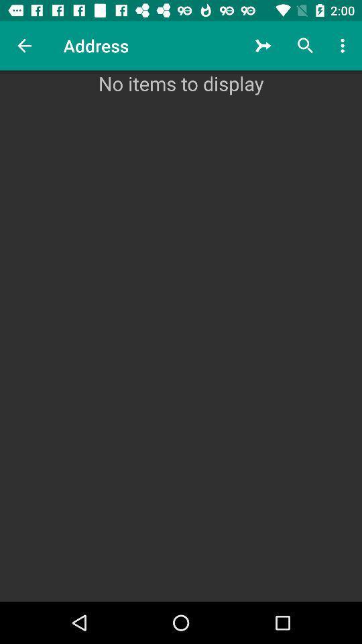  What do you see at coordinates (24, 46) in the screenshot?
I see `the item next to the address` at bounding box center [24, 46].